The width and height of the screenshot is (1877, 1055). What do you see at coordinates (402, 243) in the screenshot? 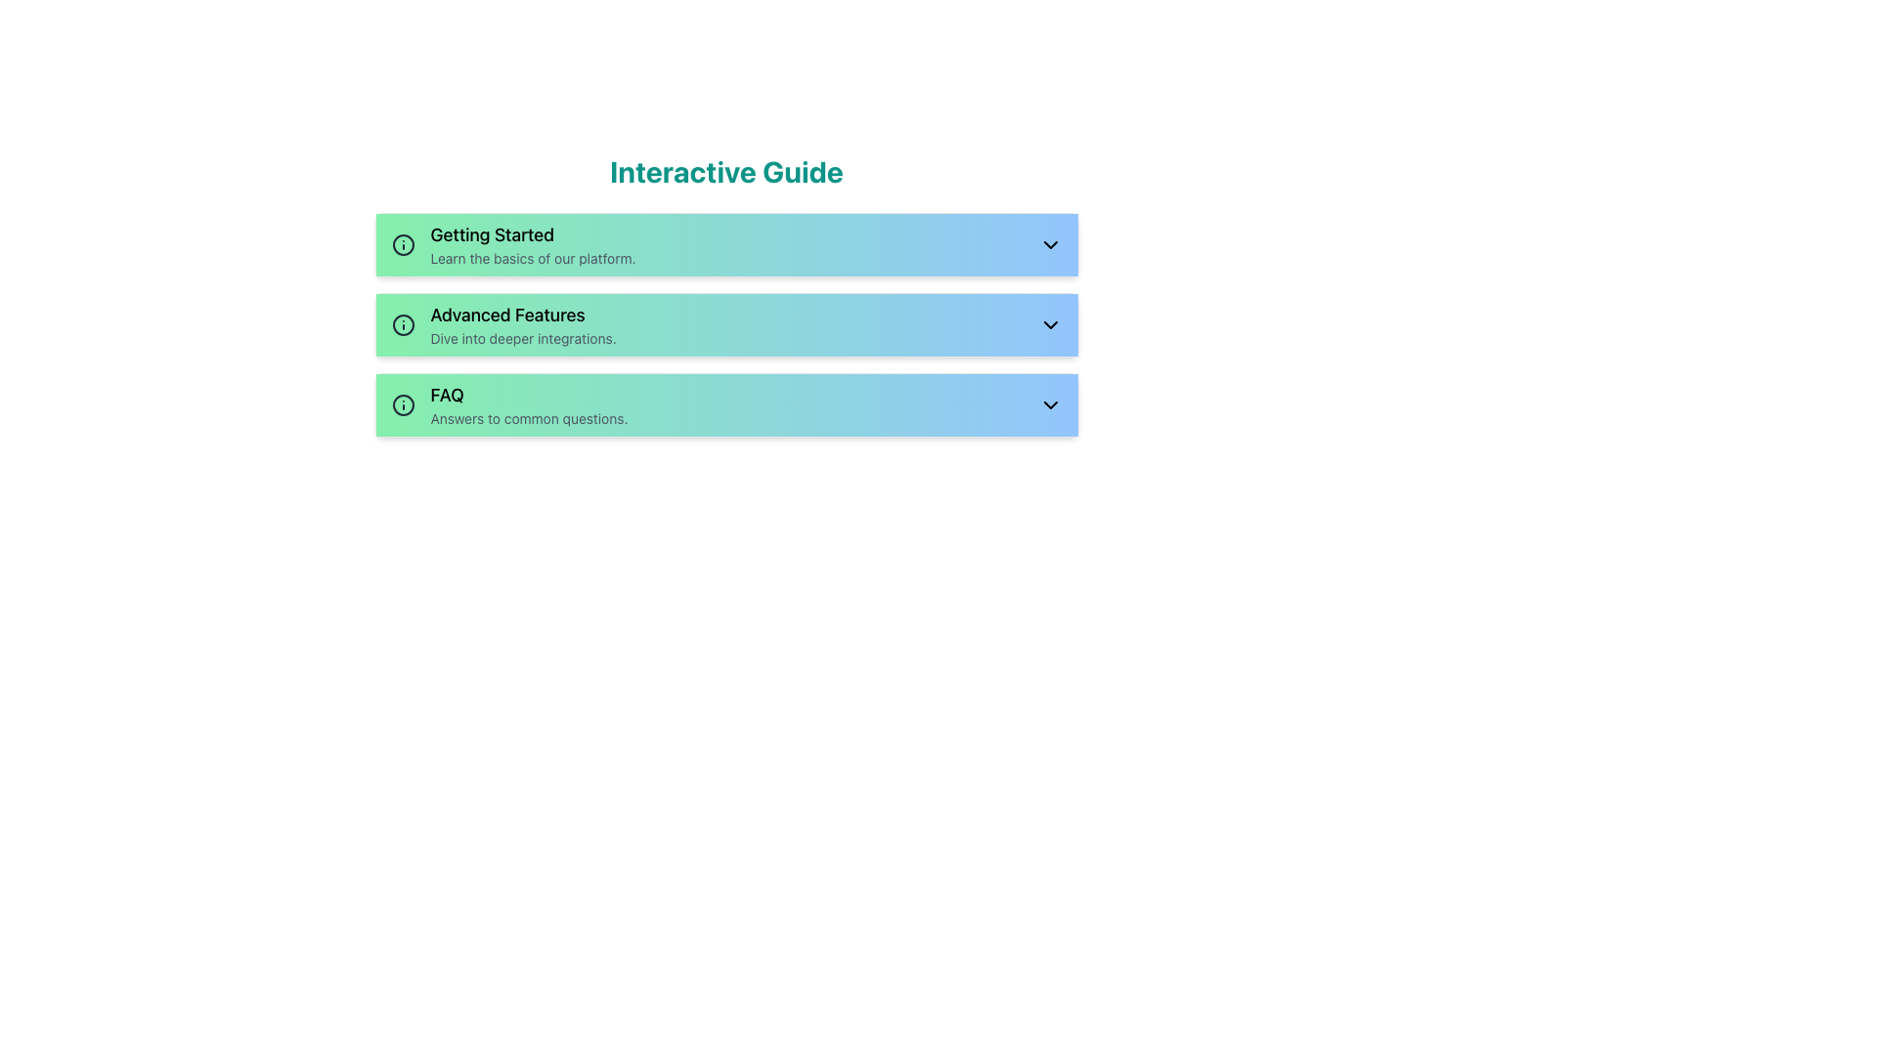
I see `the SVG Circle that represents a section or feature in the interface, located to the left of the text label 'Getting Started'` at bounding box center [402, 243].